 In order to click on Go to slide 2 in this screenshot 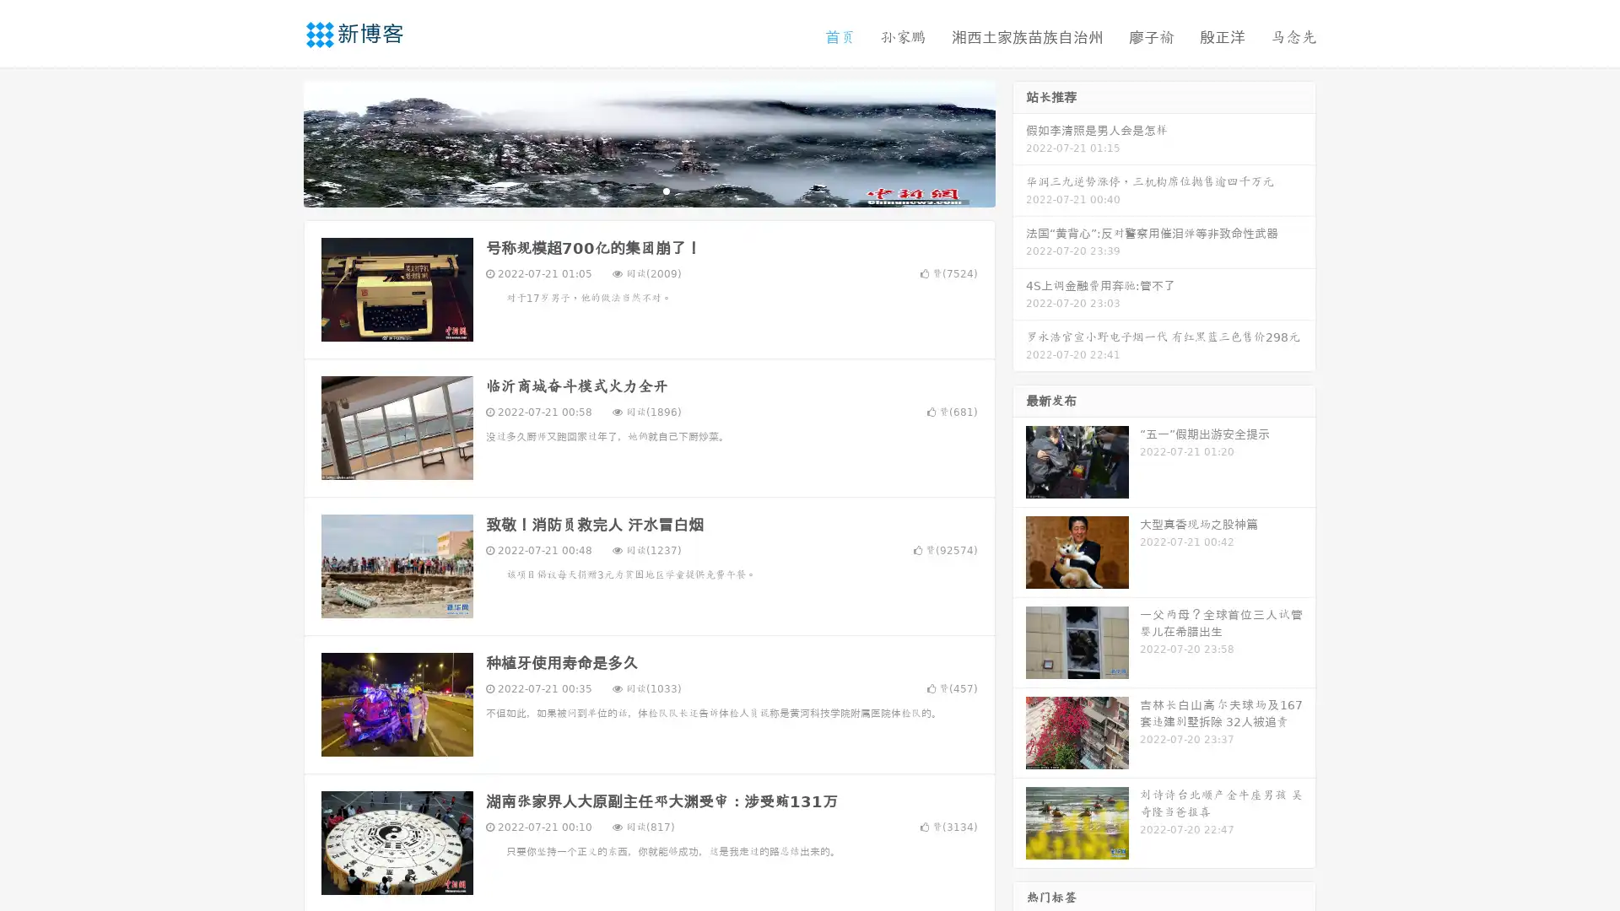, I will do `click(648, 190)`.